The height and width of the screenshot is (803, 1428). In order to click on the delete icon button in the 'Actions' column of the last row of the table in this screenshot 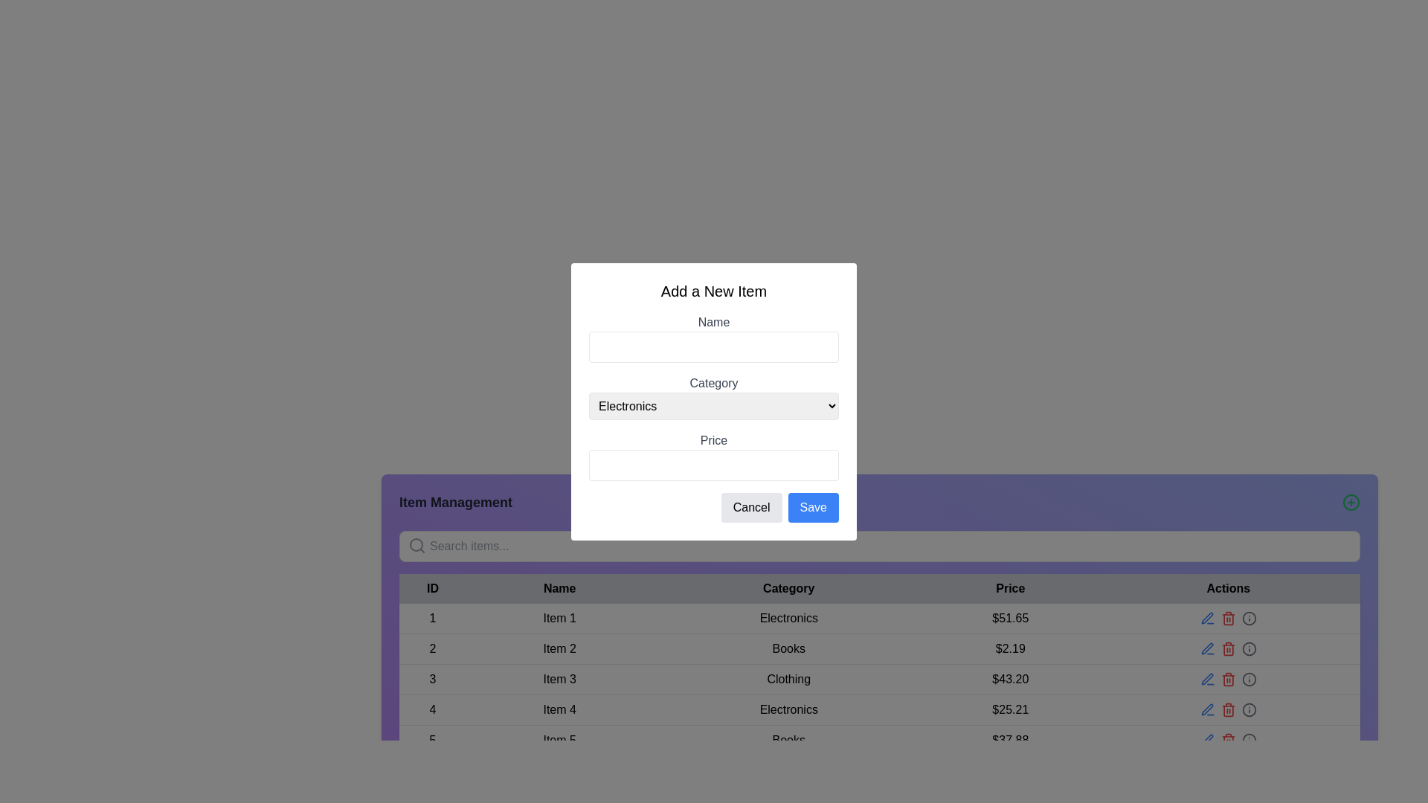, I will do `click(1228, 740)`.